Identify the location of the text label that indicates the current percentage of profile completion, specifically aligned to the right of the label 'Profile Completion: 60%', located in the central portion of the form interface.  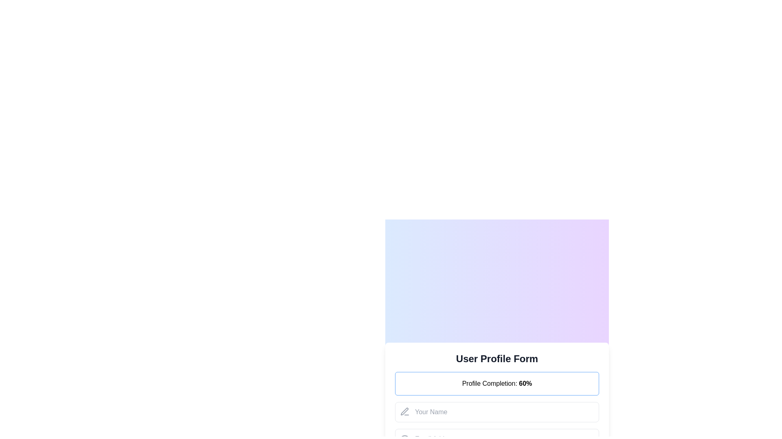
(525, 383).